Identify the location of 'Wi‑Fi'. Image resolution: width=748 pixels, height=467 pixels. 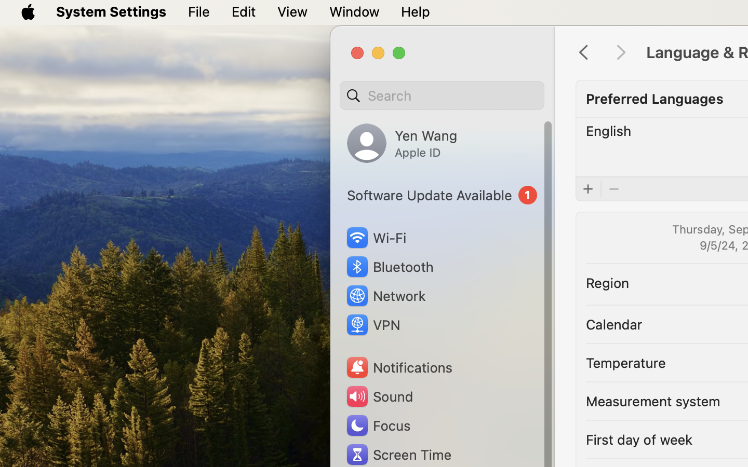
(375, 237).